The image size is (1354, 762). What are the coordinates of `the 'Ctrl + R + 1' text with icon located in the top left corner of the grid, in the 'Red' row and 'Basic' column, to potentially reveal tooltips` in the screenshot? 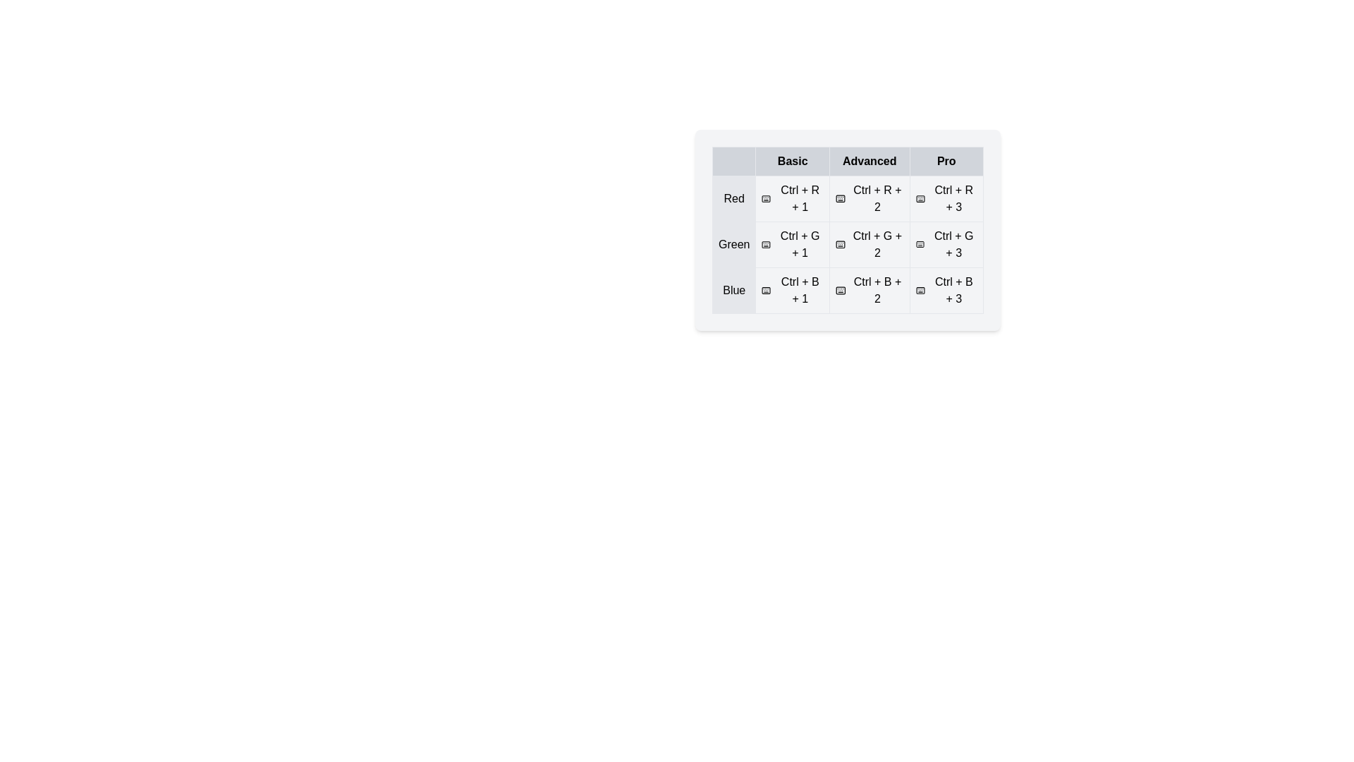 It's located at (793, 198).